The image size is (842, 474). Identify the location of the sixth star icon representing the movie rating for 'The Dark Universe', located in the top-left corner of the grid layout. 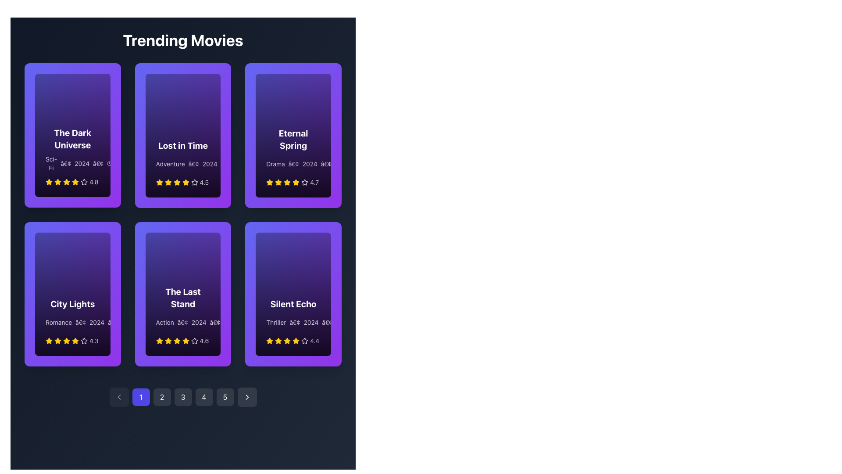
(75, 182).